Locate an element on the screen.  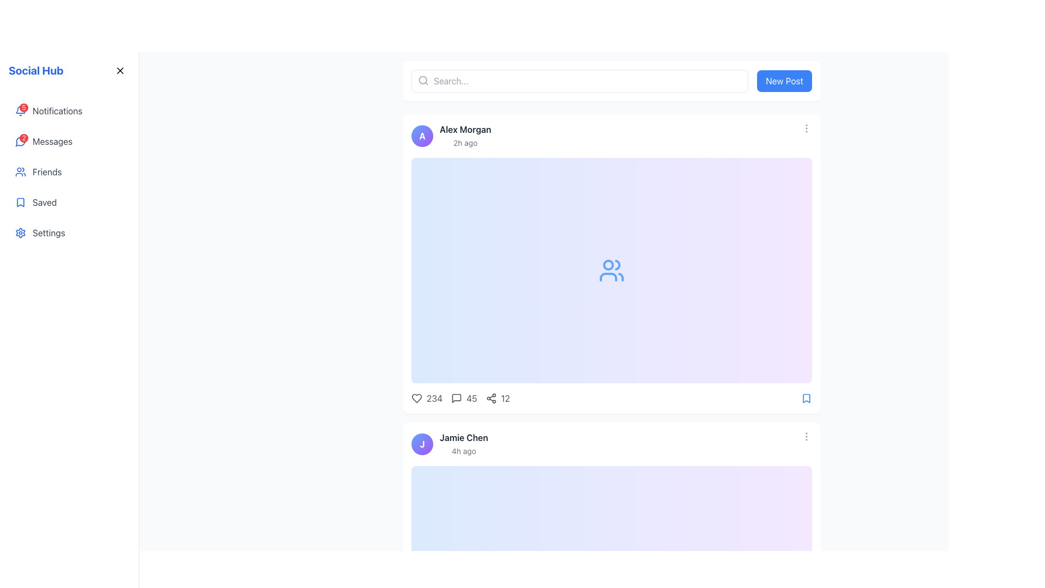
the Share count interactive element, which consists of a share icon and the number '12' in gray font that turns green when hovered is located at coordinates (497, 399).